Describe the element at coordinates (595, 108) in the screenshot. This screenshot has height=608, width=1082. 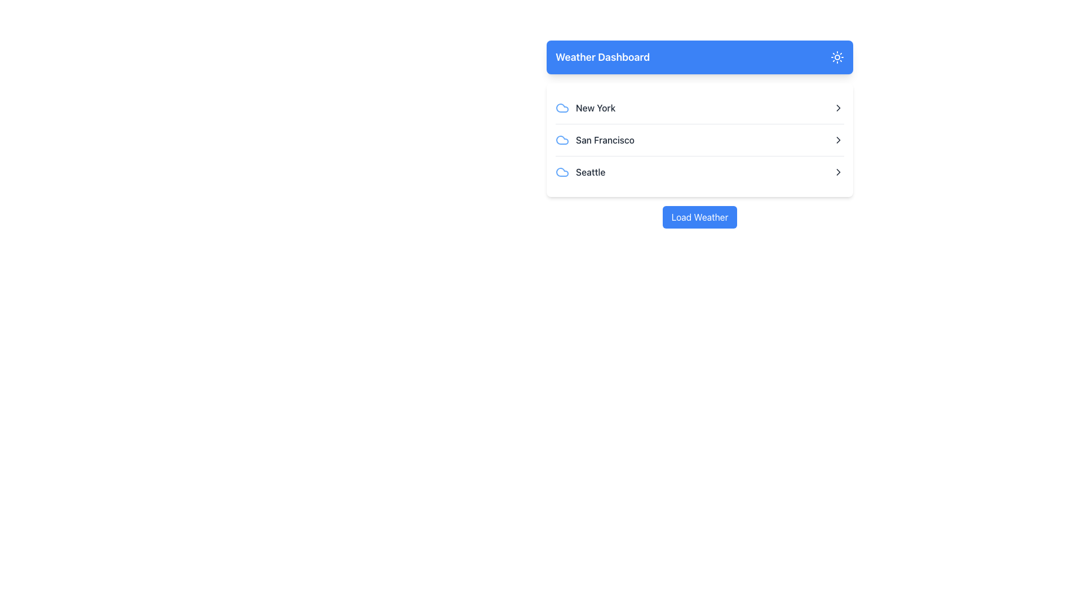
I see `text displayed in the 'New York' text label, which is the first entry in the Weather Dashboard section of the UI list` at that location.